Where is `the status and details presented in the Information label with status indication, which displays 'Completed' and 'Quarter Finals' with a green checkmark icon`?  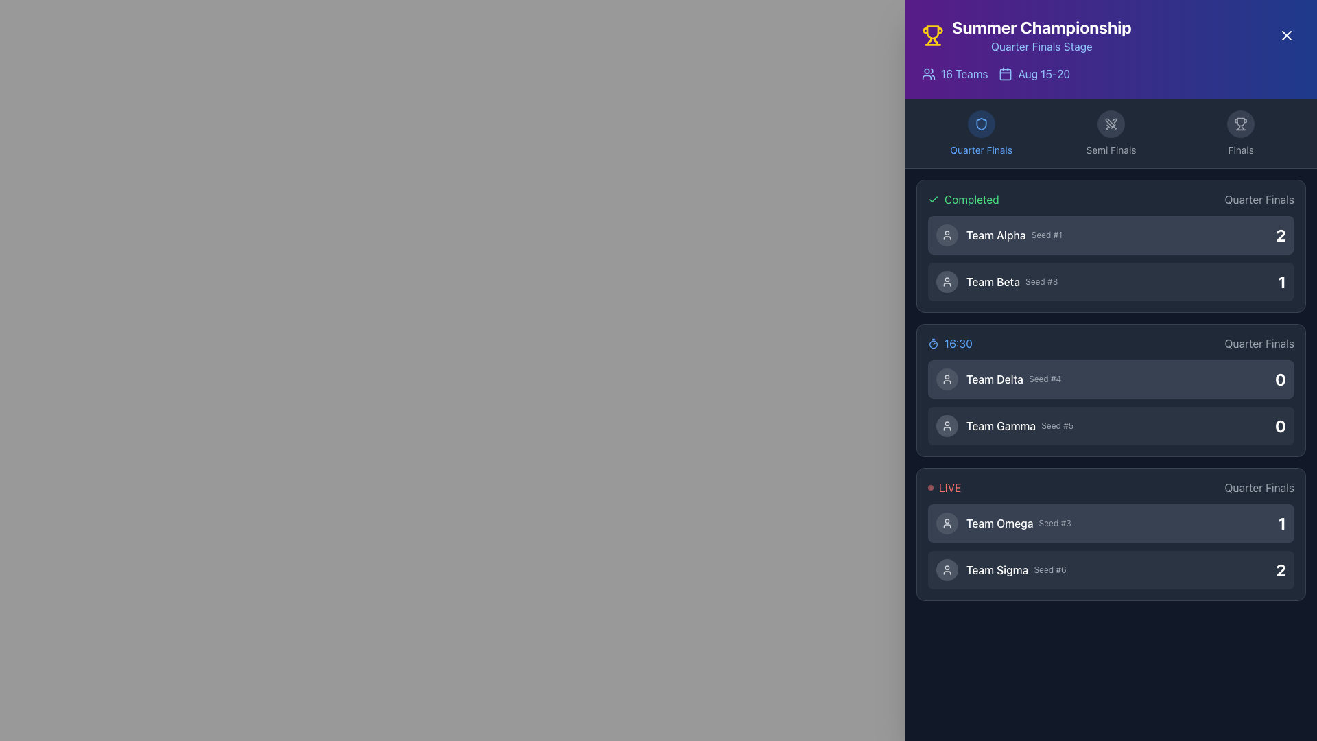
the status and details presented in the Information label with status indication, which displays 'Completed' and 'Quarter Finals' with a green checkmark icon is located at coordinates (1111, 199).